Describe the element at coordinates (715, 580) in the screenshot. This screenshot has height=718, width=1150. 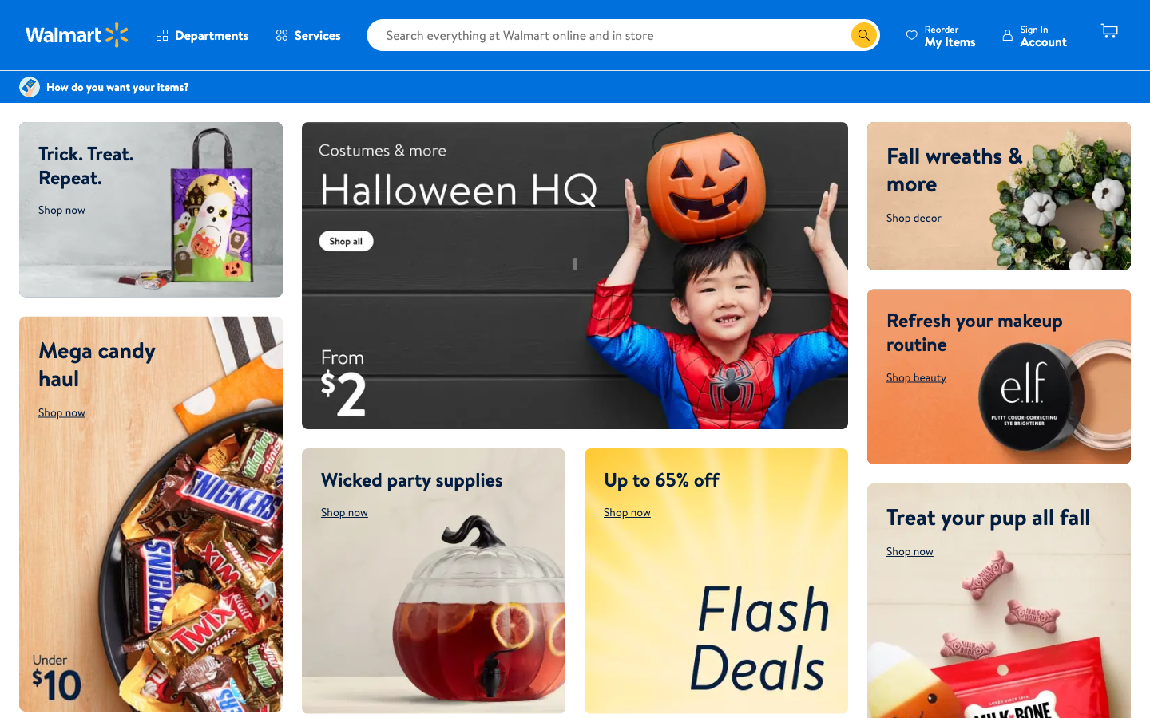
I see `the Flash Deals section` at that location.